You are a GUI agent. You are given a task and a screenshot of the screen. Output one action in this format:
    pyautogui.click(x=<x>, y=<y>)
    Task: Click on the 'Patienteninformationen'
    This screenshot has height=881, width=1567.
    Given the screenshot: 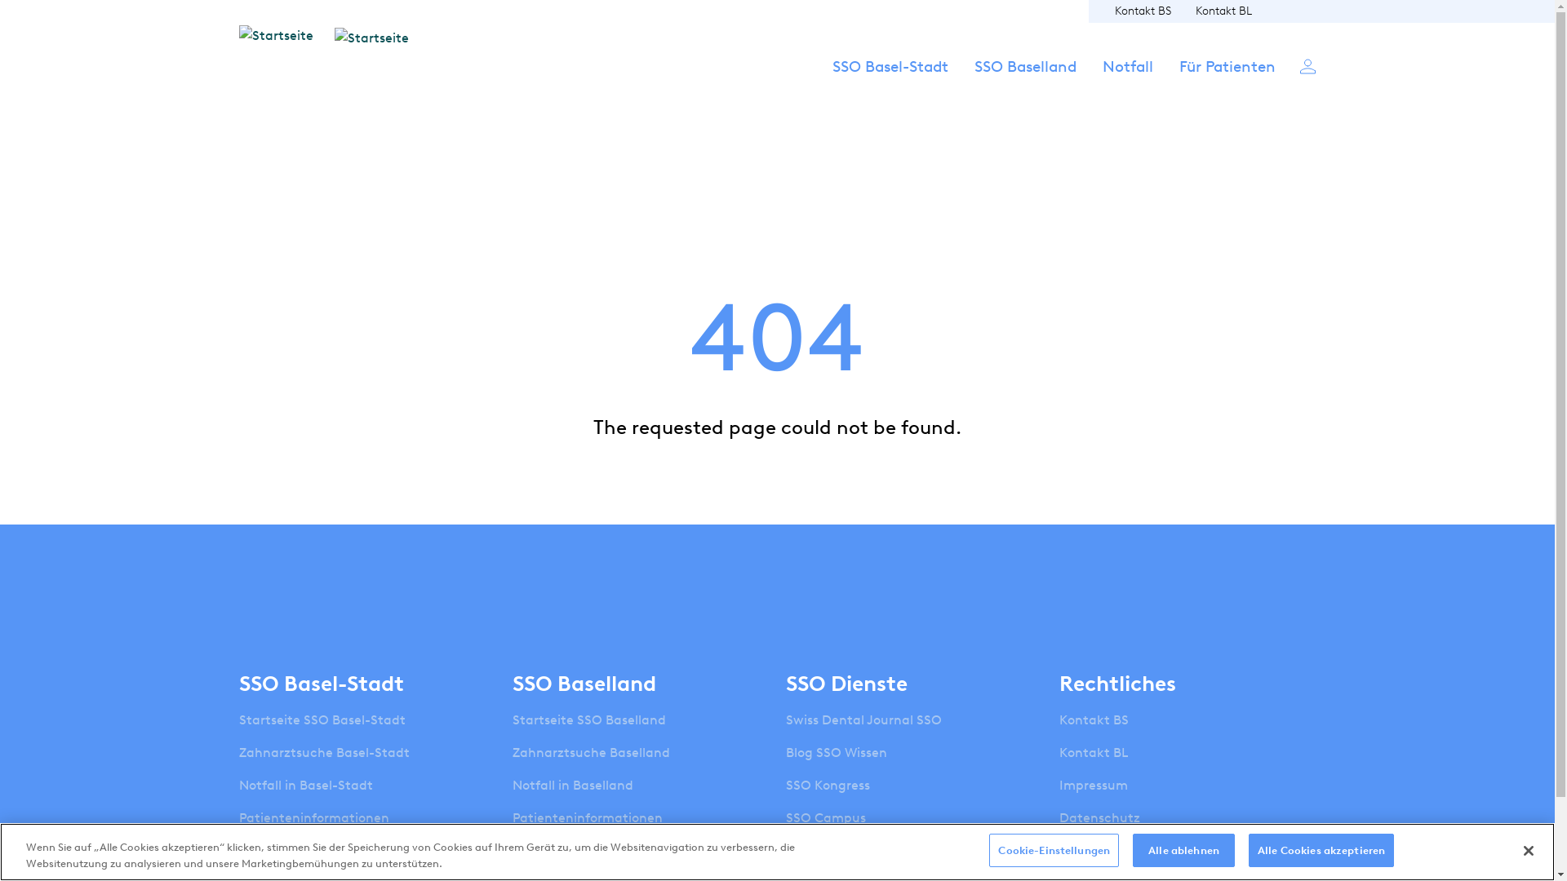 What is the action you would take?
    pyautogui.click(x=237, y=817)
    